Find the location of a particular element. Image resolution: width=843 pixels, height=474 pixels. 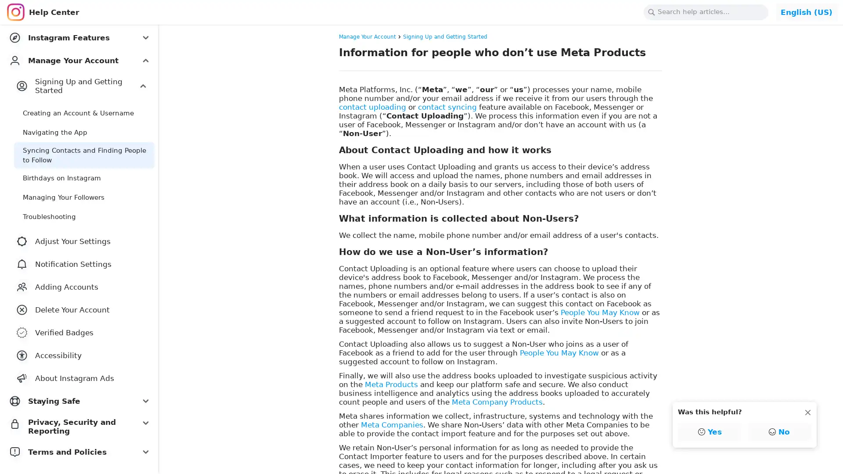

Manage Your Account is located at coordinates (79, 60).